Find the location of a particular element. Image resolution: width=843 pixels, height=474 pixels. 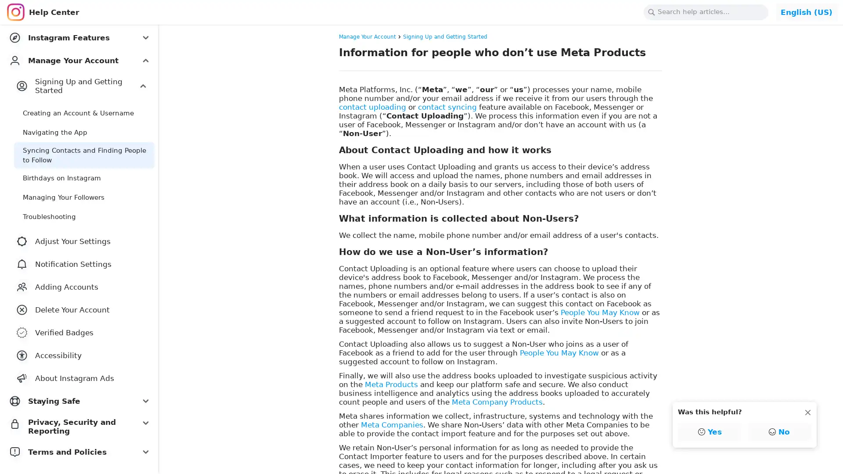

Manage Your Account is located at coordinates (79, 60).